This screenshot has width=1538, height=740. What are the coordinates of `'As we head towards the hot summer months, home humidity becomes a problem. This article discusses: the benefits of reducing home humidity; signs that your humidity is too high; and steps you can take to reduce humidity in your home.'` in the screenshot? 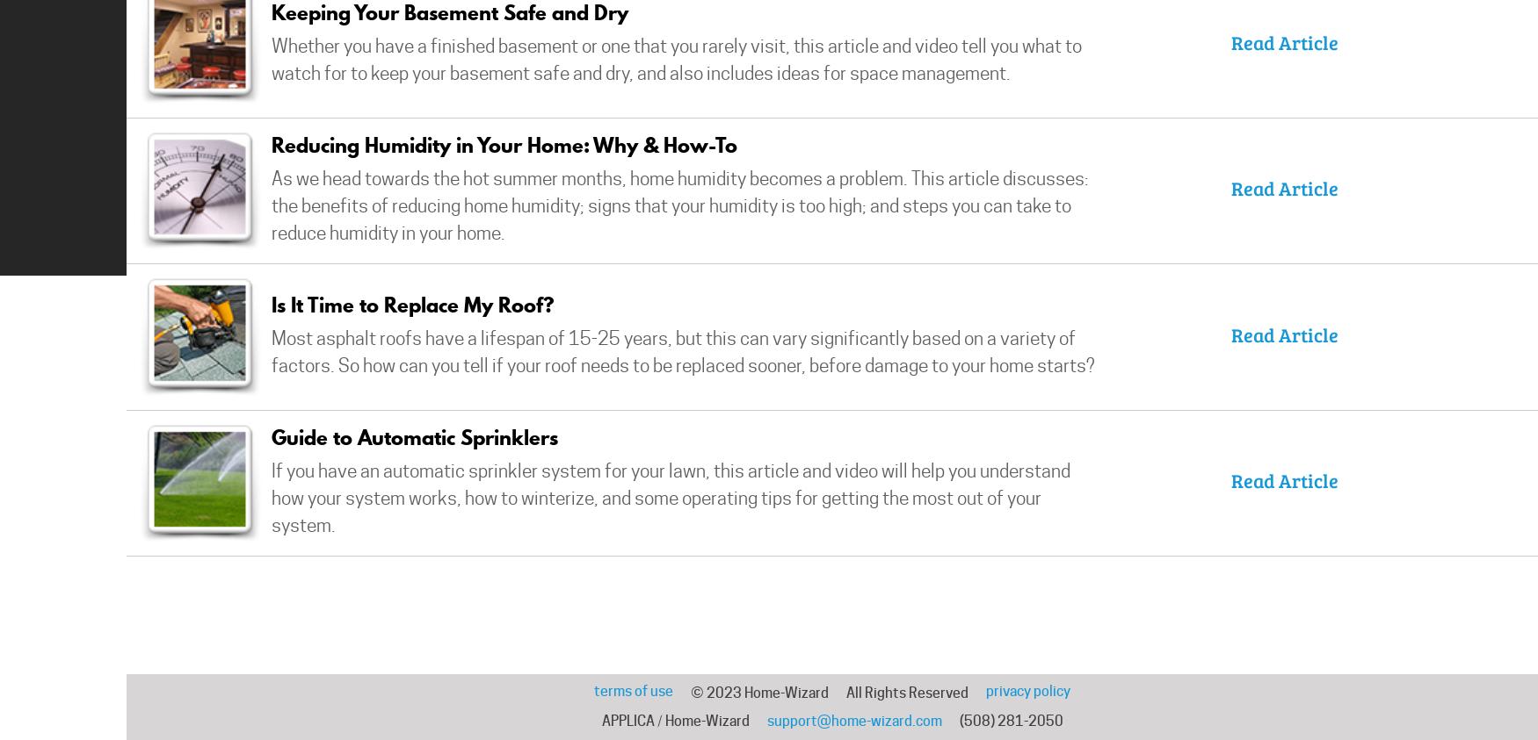 It's located at (679, 205).